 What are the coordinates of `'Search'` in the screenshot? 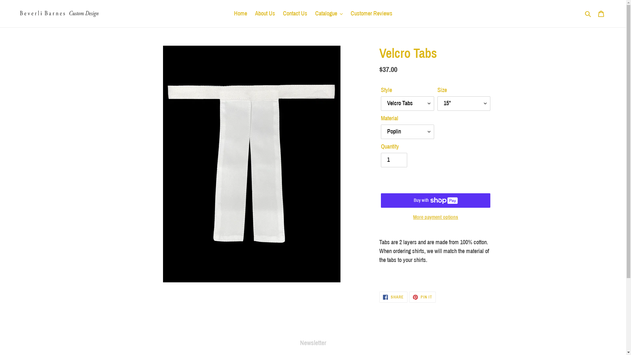 It's located at (588, 13).